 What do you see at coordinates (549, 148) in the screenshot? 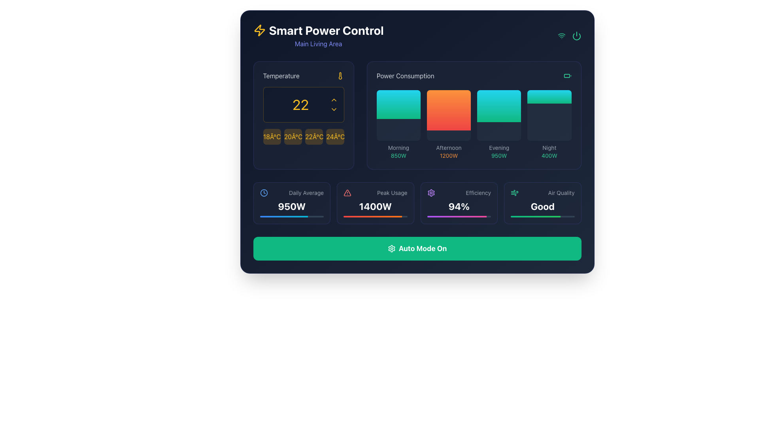
I see `the 'Night' text label that indicates the time period for power consumption, which is located above the '400W' text and below the graphical representation of consumption levels in the far-right column of the grid` at bounding box center [549, 148].